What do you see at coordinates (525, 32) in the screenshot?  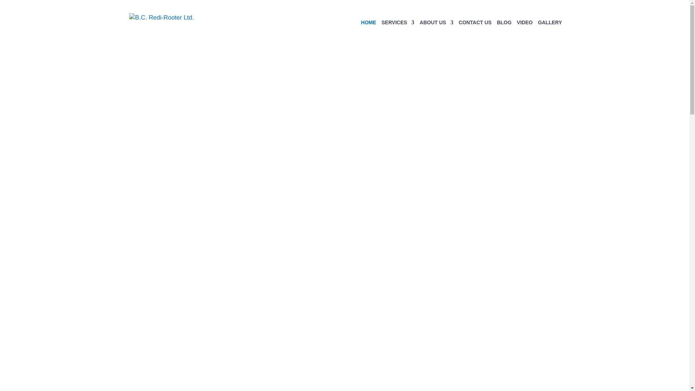 I see `'VIDEO'` at bounding box center [525, 32].